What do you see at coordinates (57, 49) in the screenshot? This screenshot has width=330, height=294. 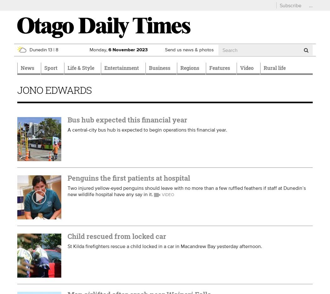 I see `'8'` at bounding box center [57, 49].